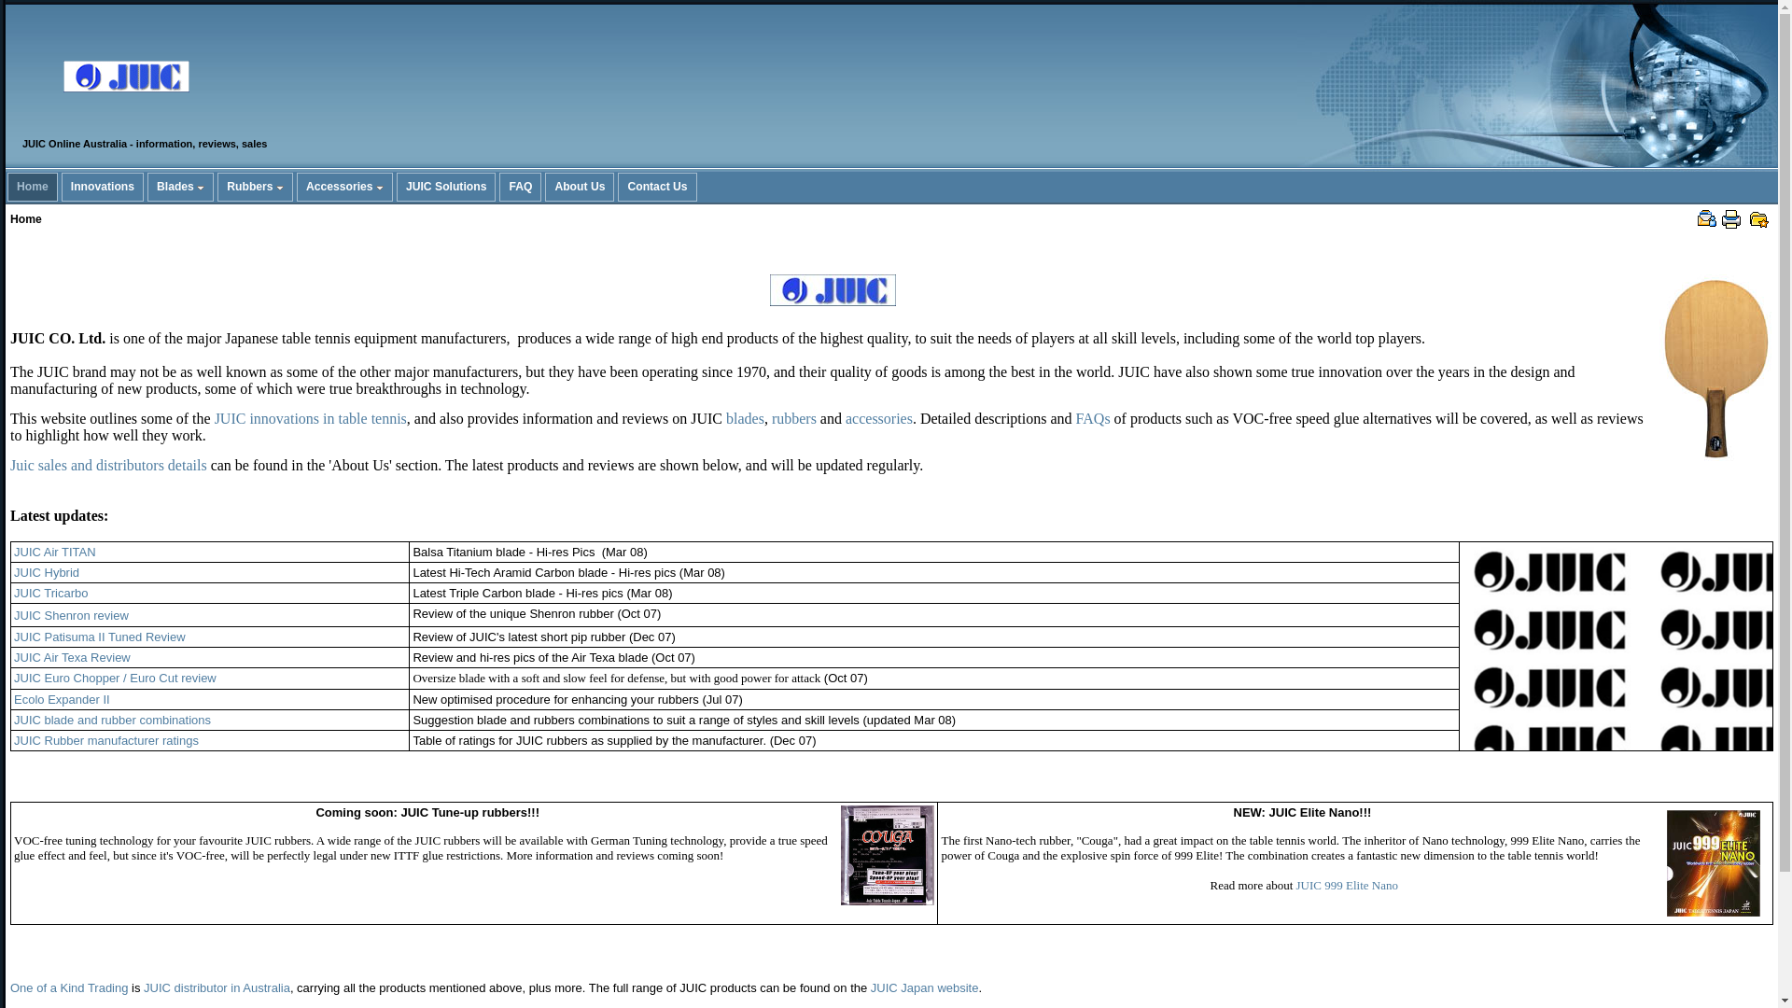 Image resolution: width=1792 pixels, height=1008 pixels. Describe the element at coordinates (1706, 218) in the screenshot. I see `'Email a Page to a Friend'` at that location.